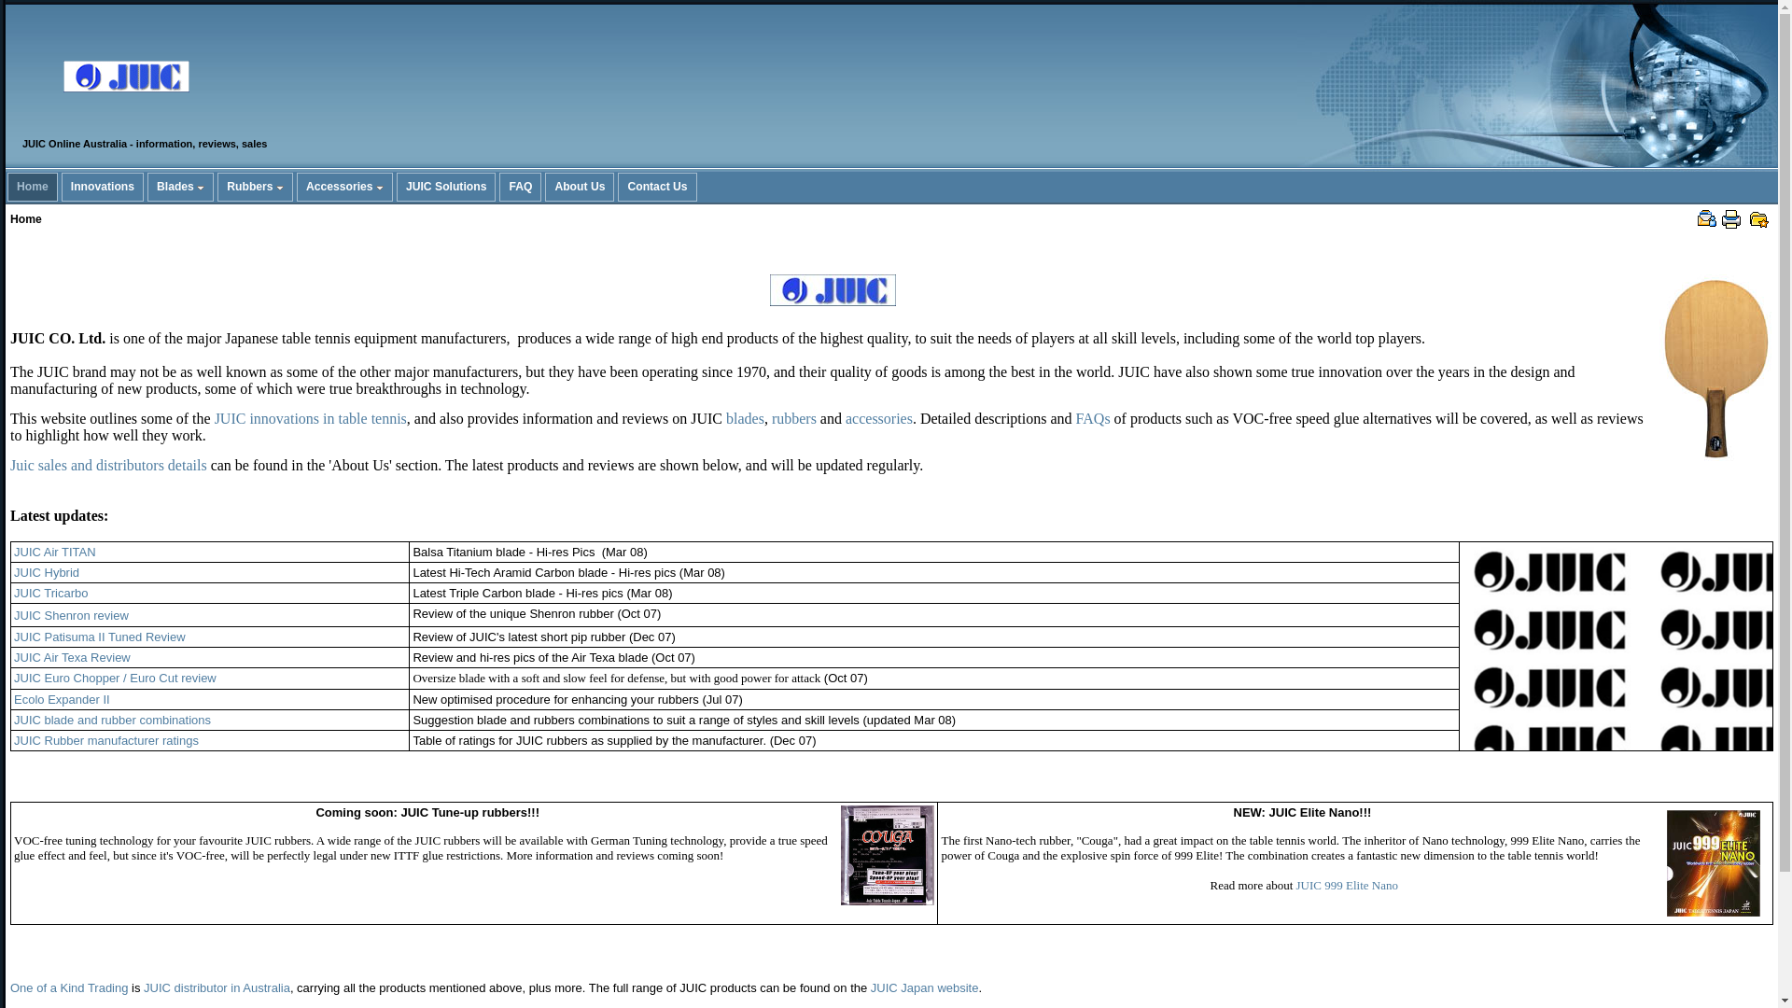 Image resolution: width=1792 pixels, height=1008 pixels. Describe the element at coordinates (1706, 218) in the screenshot. I see `'Email a Page to a Friend'` at that location.